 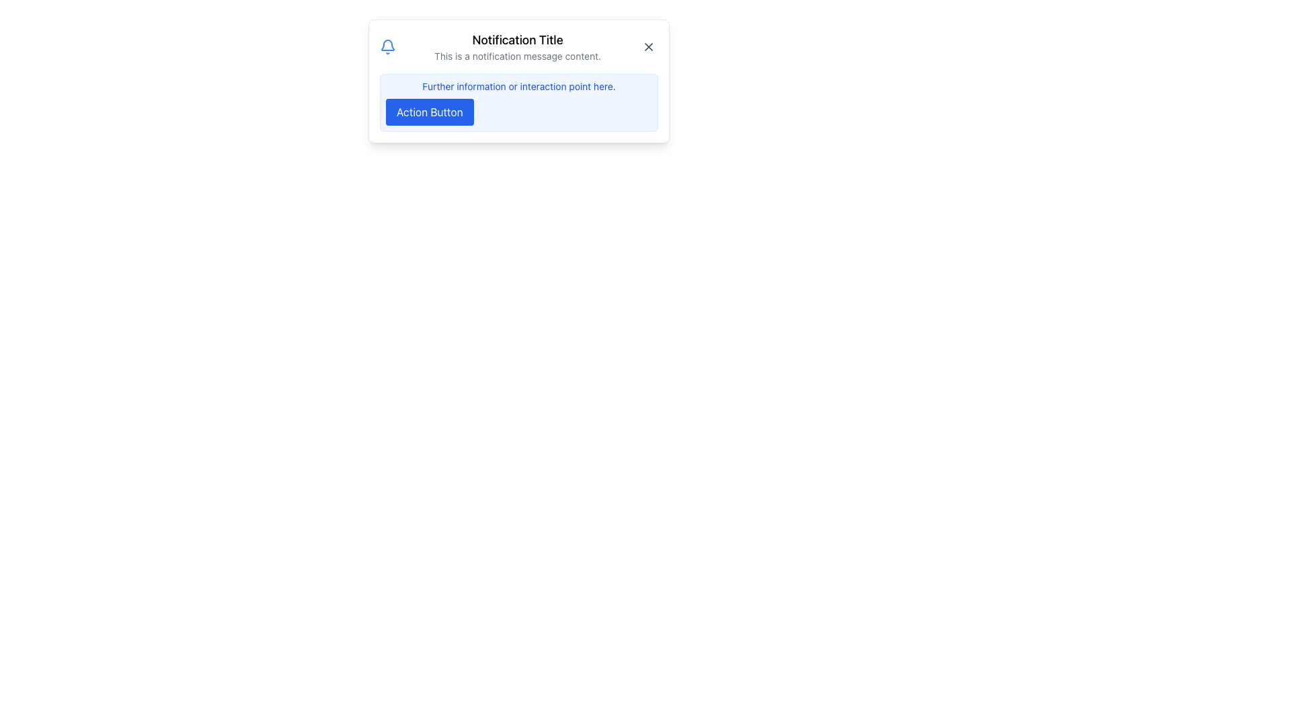 What do you see at coordinates (518, 46) in the screenshot?
I see `the Notification Header` at bounding box center [518, 46].